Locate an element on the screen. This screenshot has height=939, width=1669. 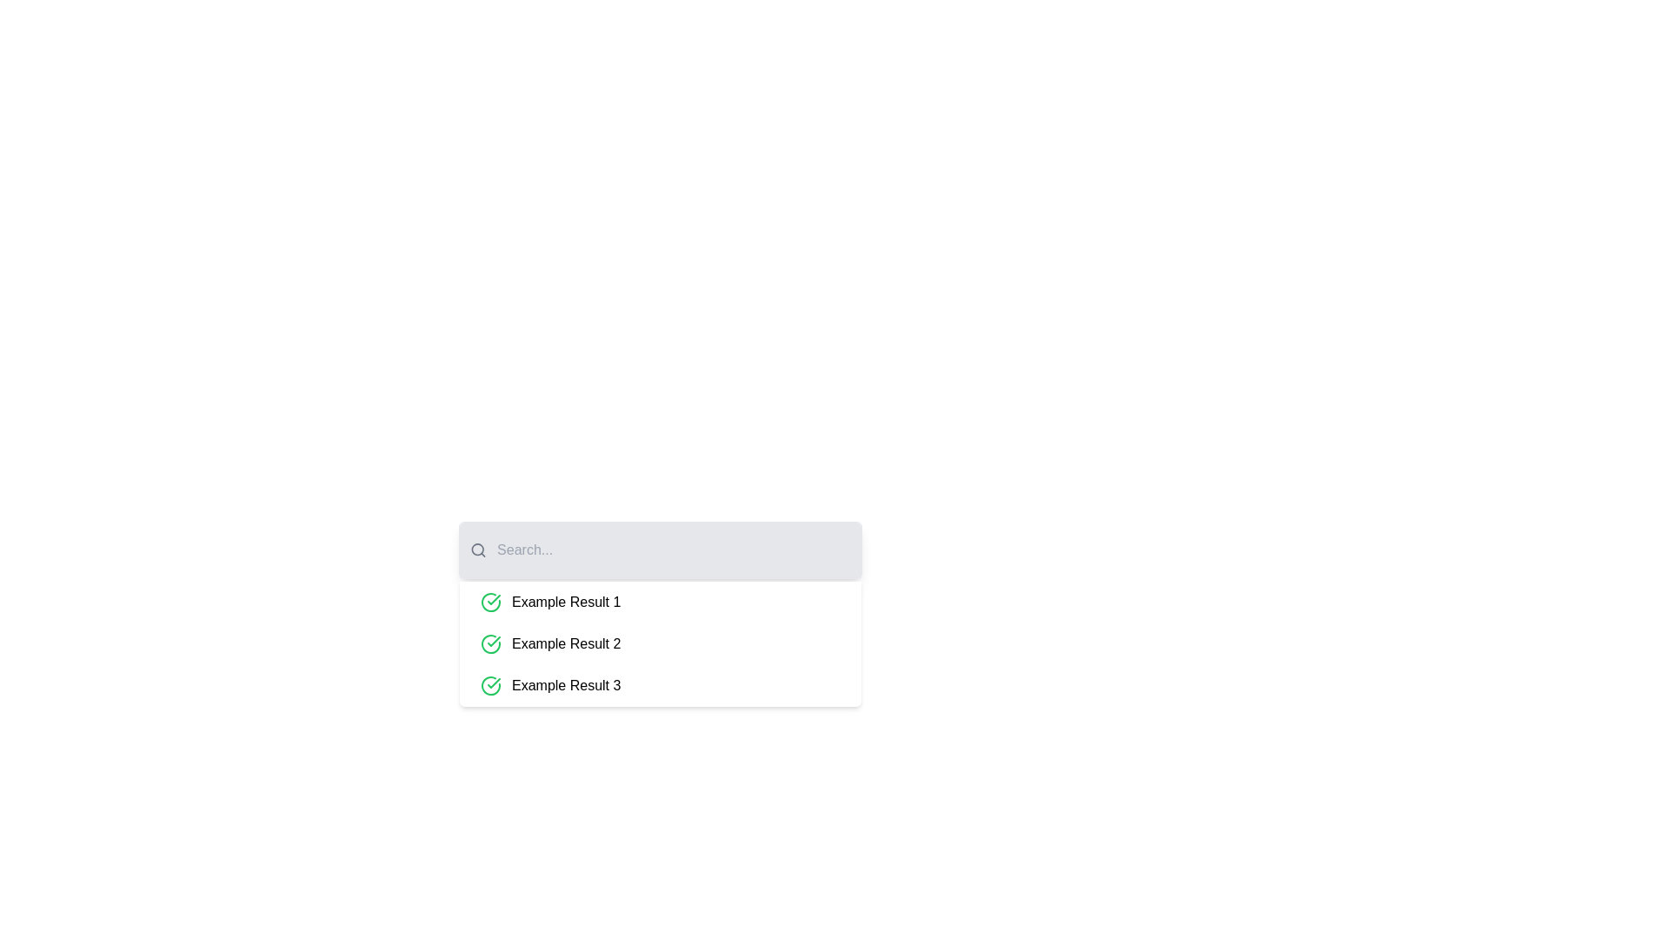
the third List item in the vertical list is located at coordinates (659, 685).